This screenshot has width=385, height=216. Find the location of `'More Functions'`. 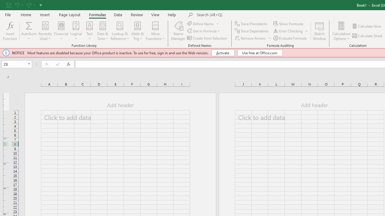

'More Functions' is located at coordinates (155, 31).